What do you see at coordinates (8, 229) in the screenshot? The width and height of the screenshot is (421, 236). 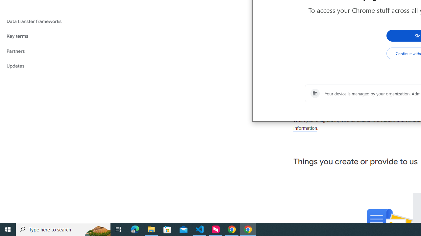 I see `'Start'` at bounding box center [8, 229].